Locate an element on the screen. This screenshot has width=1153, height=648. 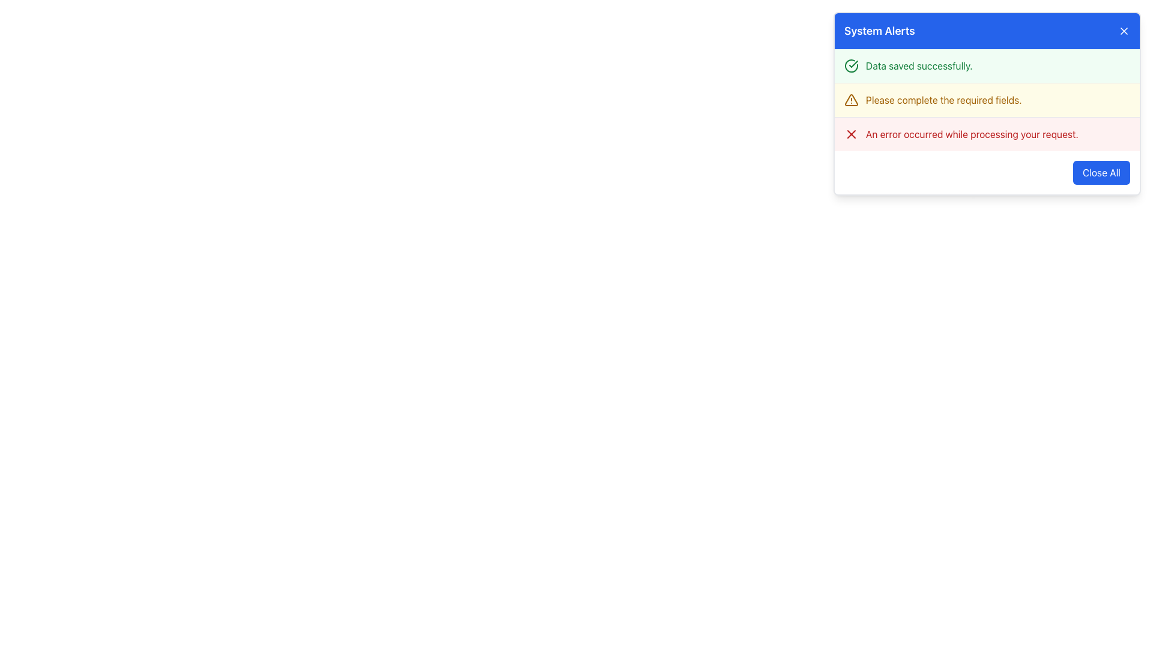
the presence of an error by clicking on the Notification Alert with a light red background and red text that says 'An error occurred while processing your request.' is located at coordinates (987, 134).